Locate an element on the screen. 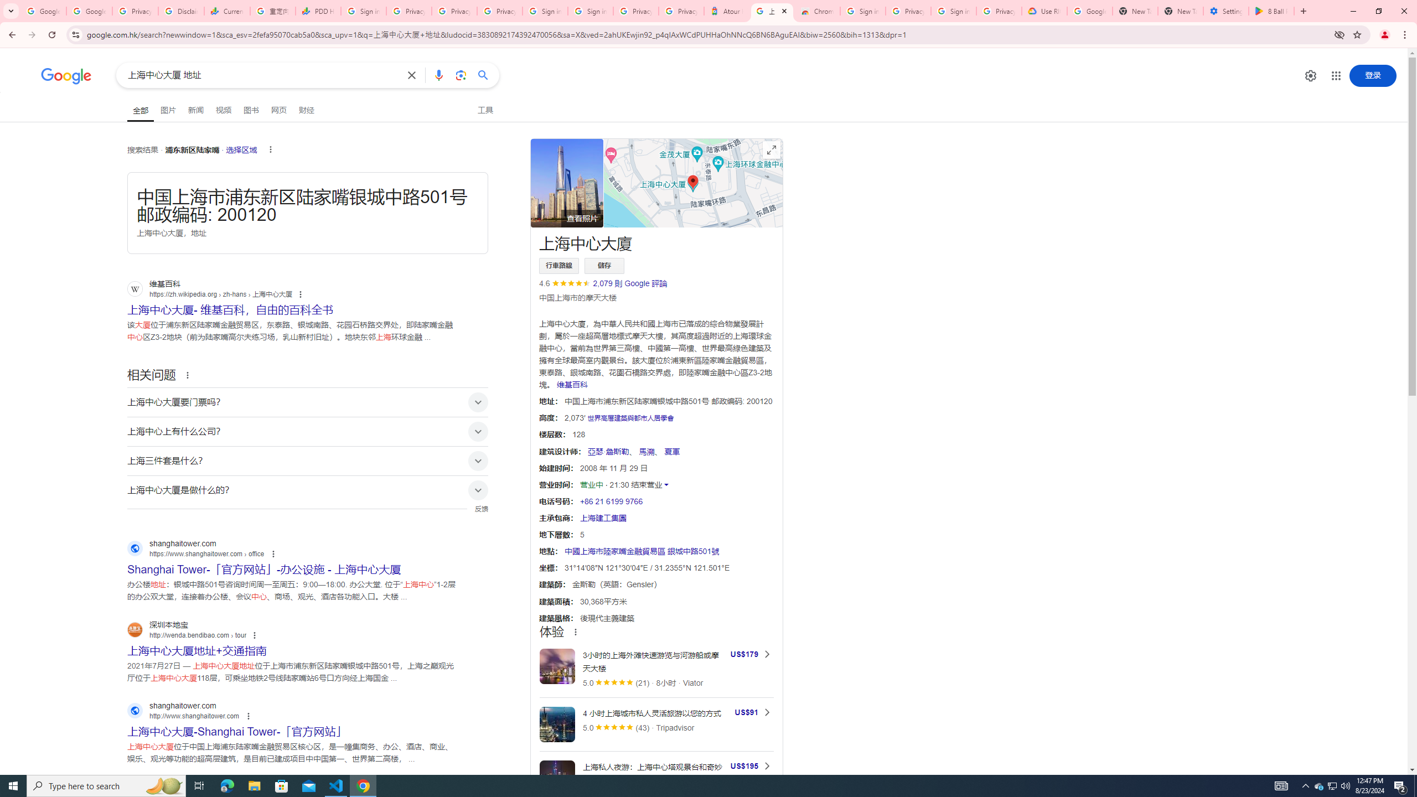 The image size is (1417, 797). '8 Ball Pool - Apps on Google Play' is located at coordinates (1271, 11).